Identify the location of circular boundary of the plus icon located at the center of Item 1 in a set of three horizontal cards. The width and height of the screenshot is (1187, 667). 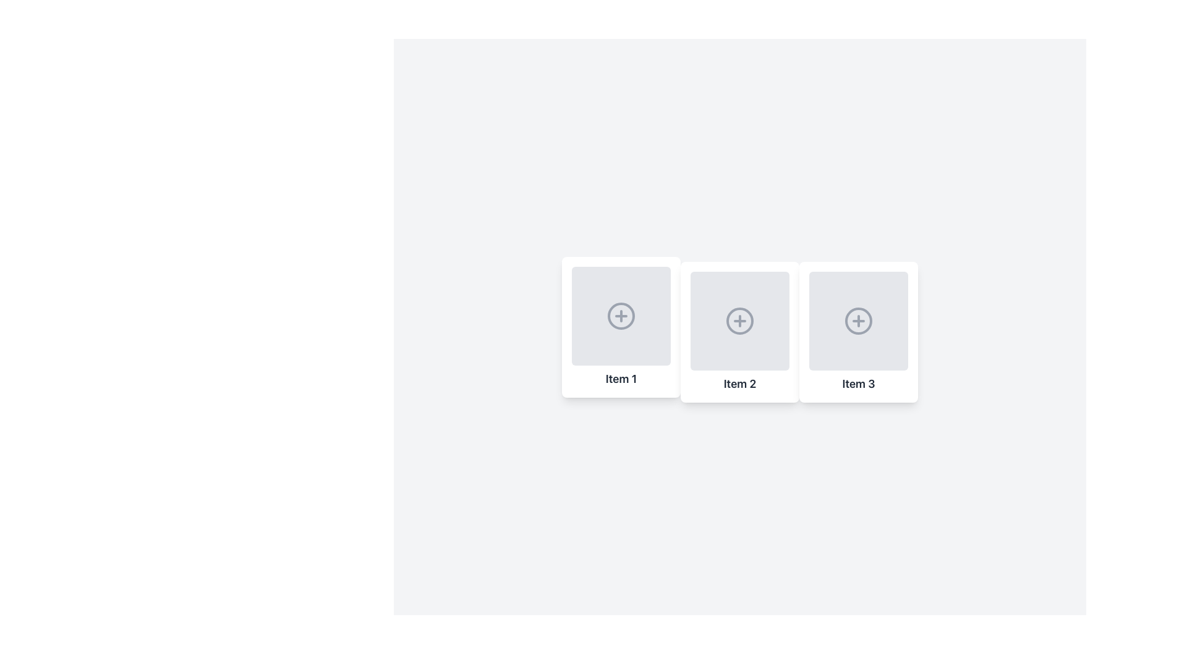
(621, 315).